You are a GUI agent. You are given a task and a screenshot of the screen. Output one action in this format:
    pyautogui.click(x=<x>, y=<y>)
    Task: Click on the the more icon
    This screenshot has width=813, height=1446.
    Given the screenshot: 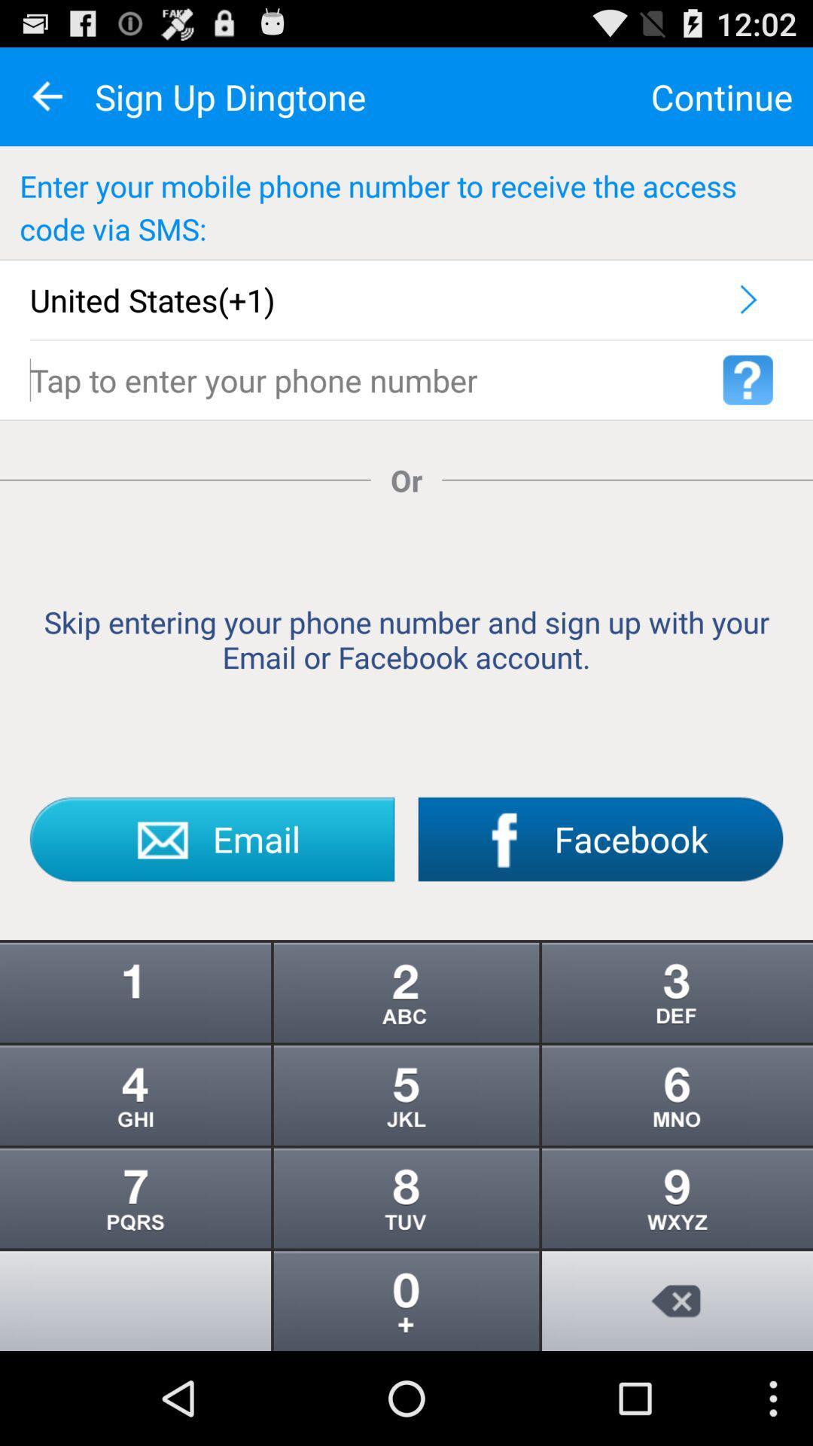 What is the action you would take?
    pyautogui.click(x=676, y=1171)
    